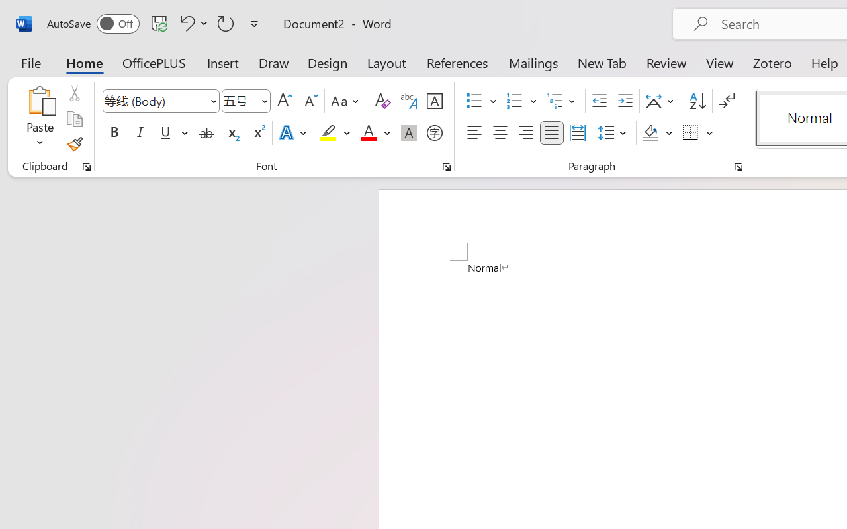 The width and height of the screenshot is (847, 529). Describe the element at coordinates (92, 23) in the screenshot. I see `'AutoSave'` at that location.